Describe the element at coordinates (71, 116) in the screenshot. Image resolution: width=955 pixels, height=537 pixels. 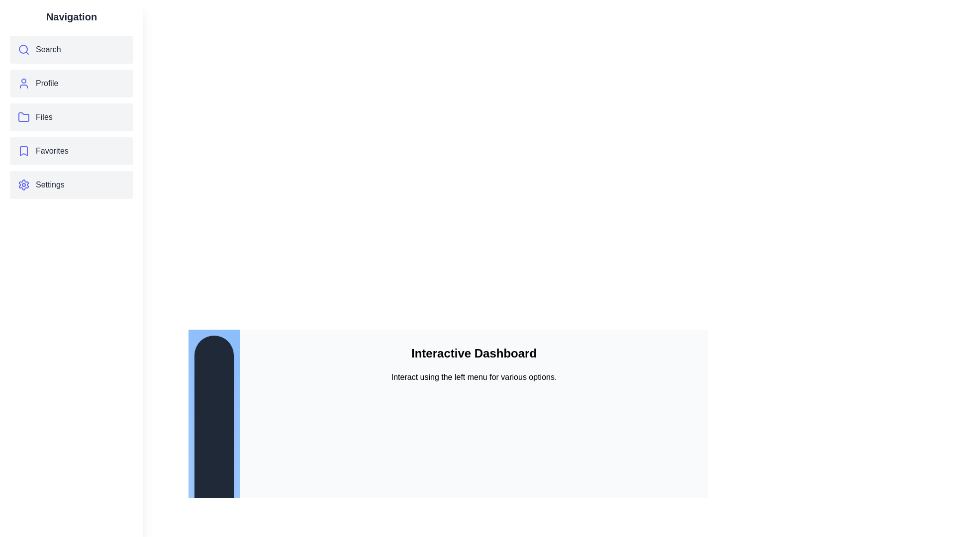
I see `the menu item corresponding to Files to navigate` at that location.